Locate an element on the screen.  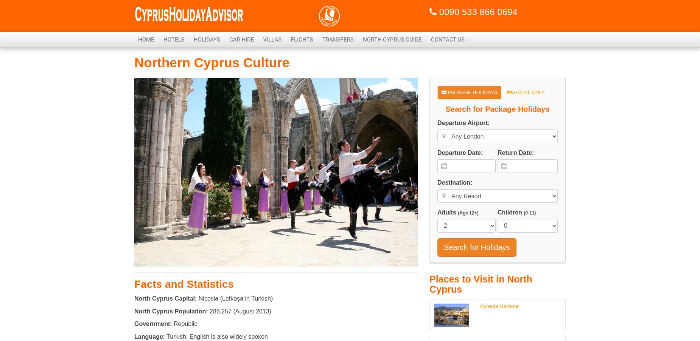
'Contact Us' is located at coordinates (447, 40).